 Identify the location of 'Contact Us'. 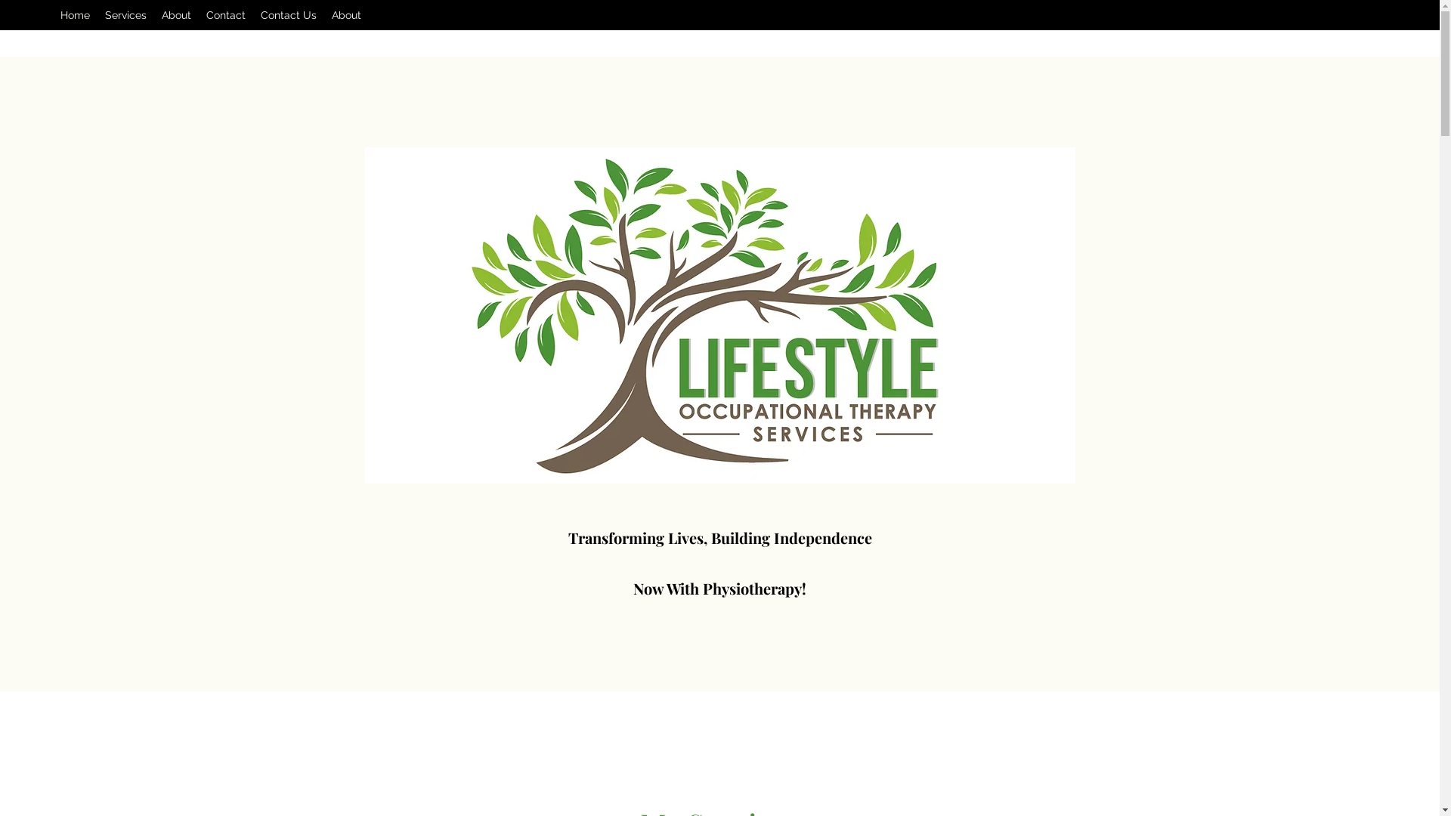
(253, 14).